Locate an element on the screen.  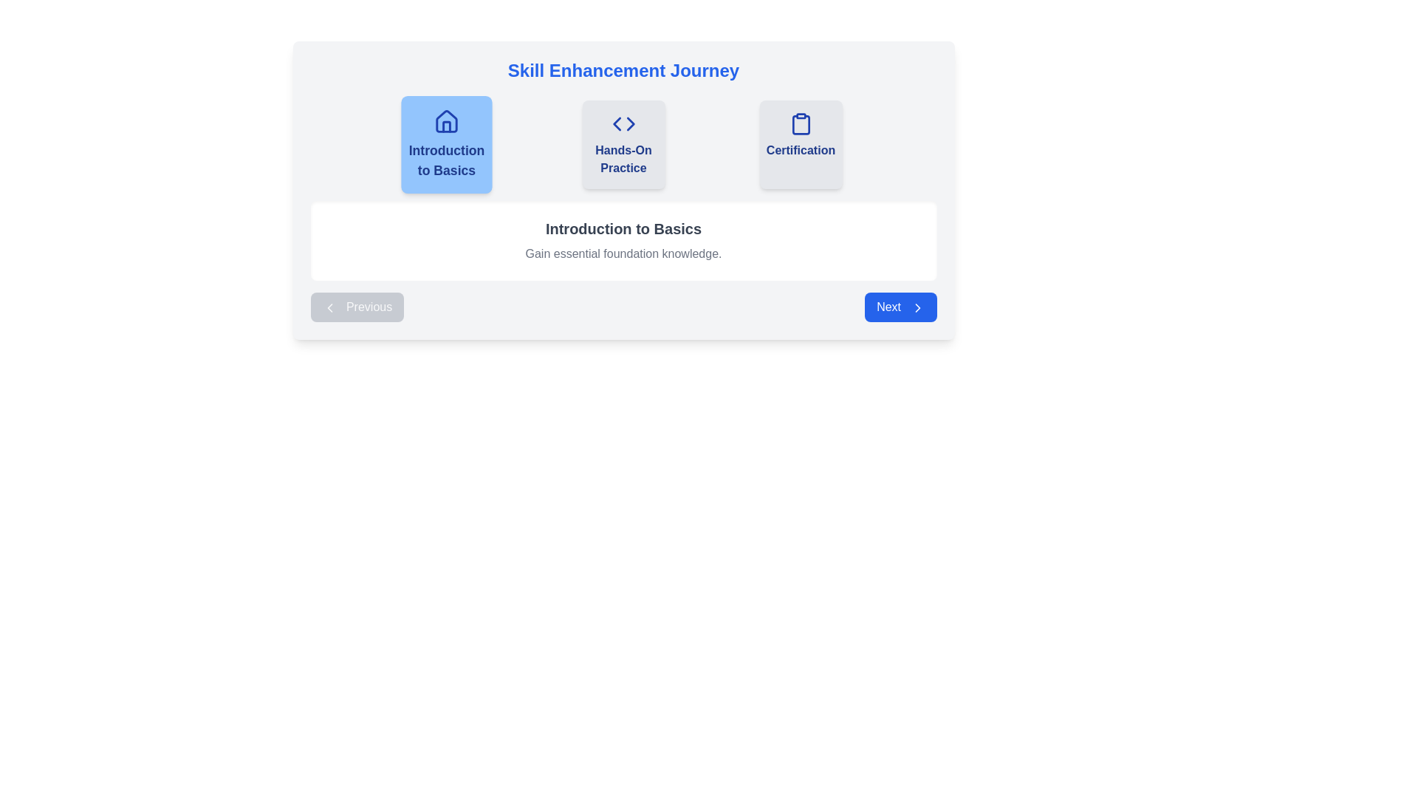
the right-pointing chevron icon within the 'Next' button to move to the next step in the navigation sequence is located at coordinates (917, 307).